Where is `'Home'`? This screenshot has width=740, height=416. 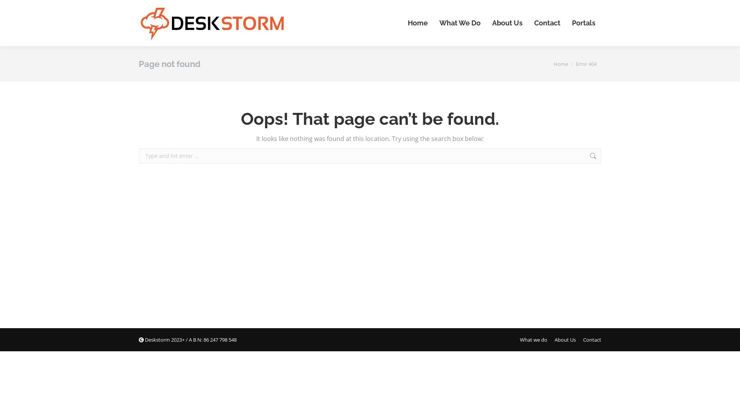
'Home' is located at coordinates (417, 23).